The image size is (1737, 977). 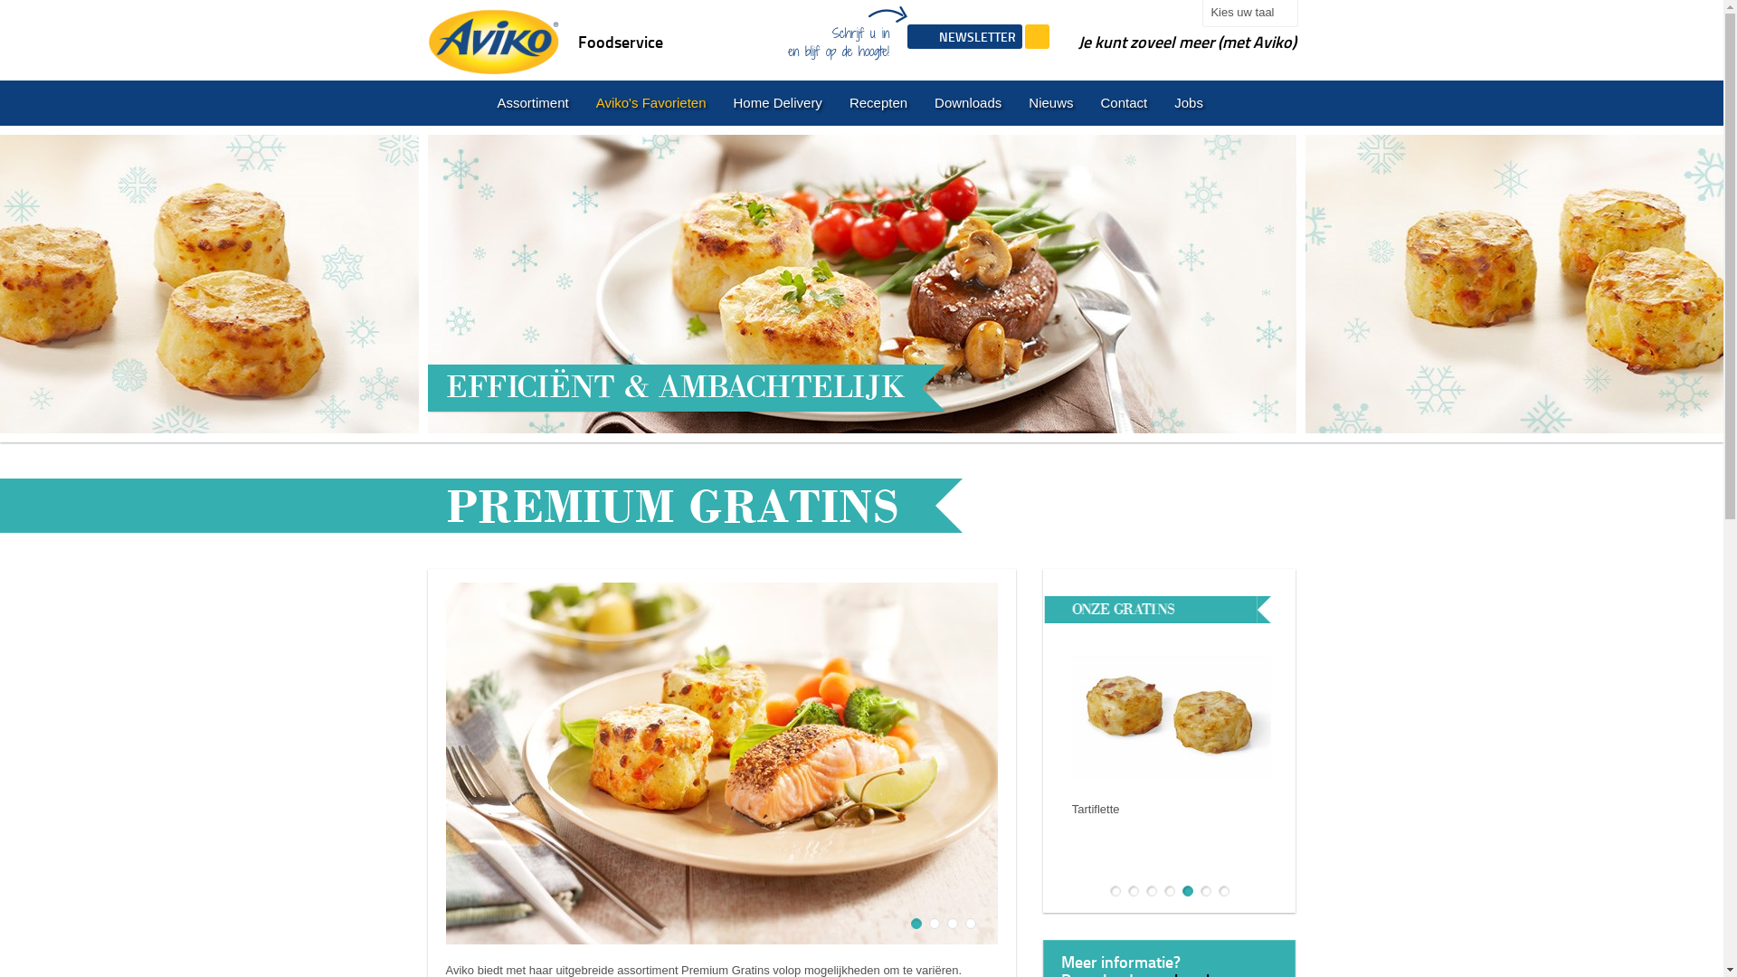 I want to click on 'Nieuws', so click(x=1050, y=103).